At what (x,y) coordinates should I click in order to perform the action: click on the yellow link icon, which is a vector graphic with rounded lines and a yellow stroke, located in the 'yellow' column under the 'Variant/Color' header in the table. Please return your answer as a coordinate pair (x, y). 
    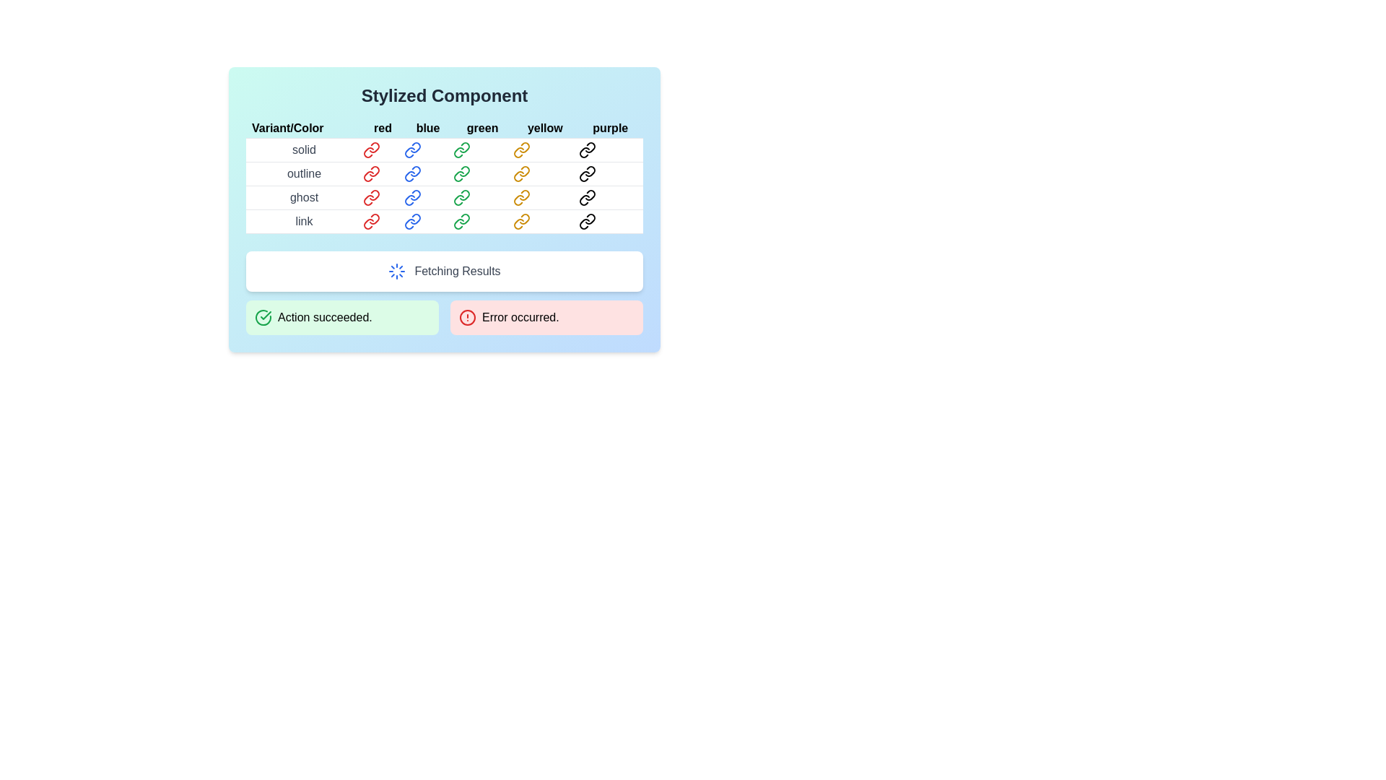
    Looking at the image, I should click on (524, 219).